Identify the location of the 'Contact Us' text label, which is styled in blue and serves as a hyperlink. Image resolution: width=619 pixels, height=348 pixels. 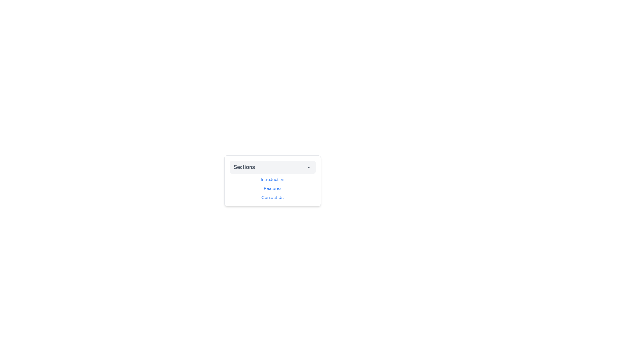
(272, 197).